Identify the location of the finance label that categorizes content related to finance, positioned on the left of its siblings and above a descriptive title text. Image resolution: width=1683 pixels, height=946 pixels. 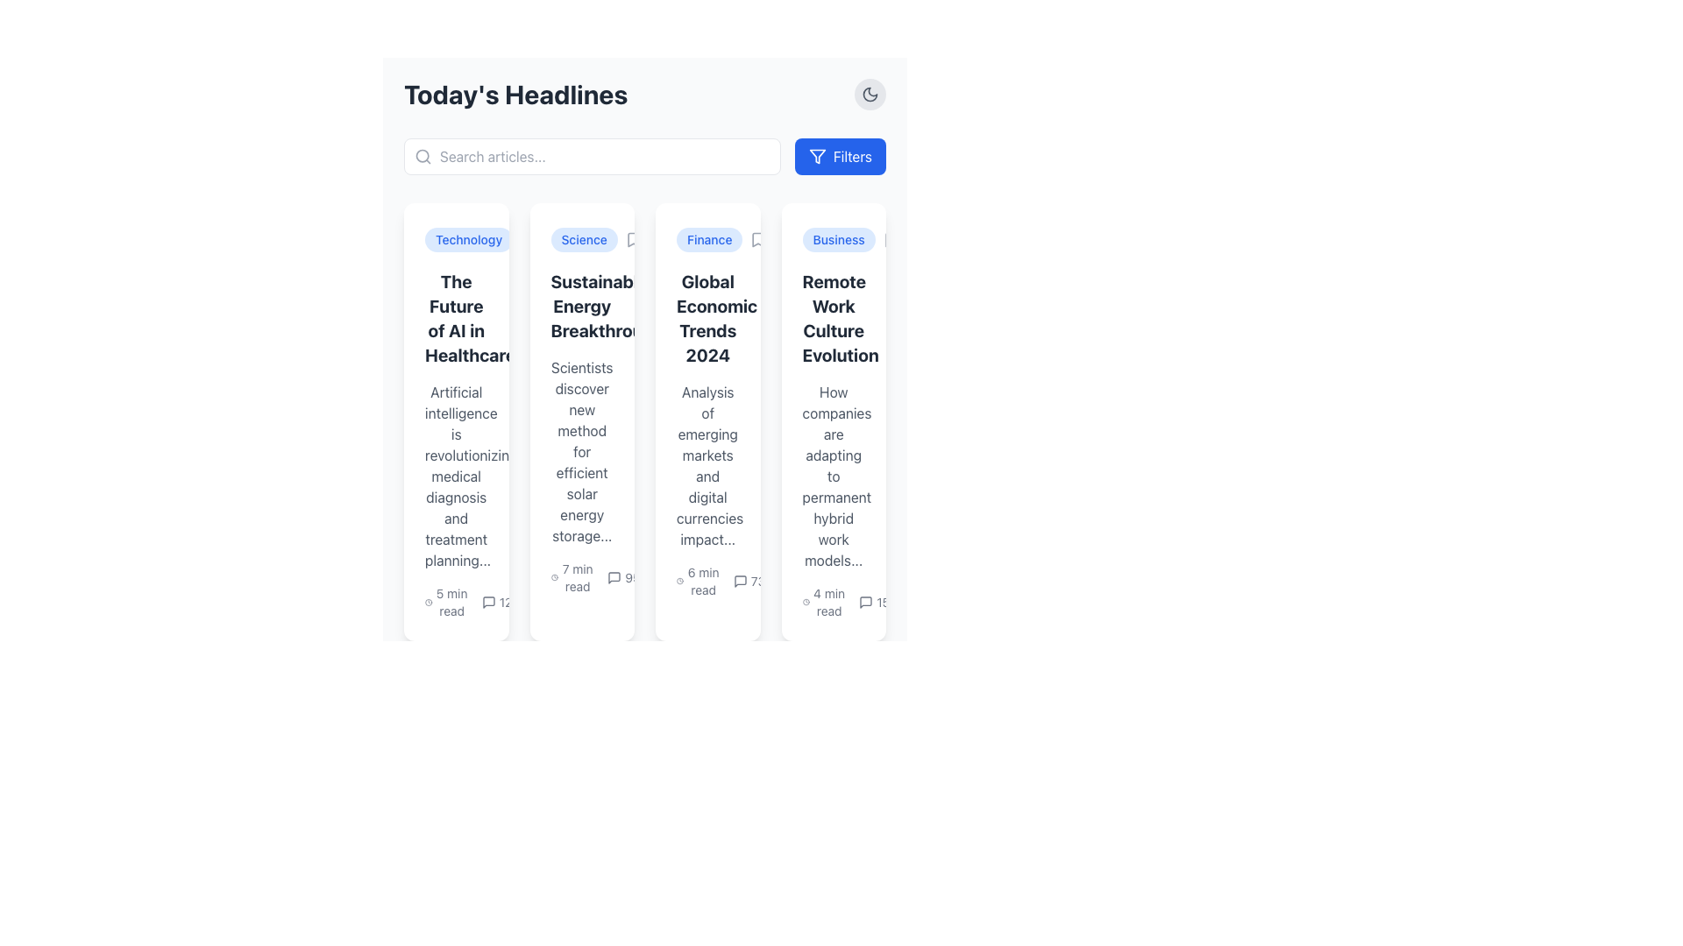
(709, 239).